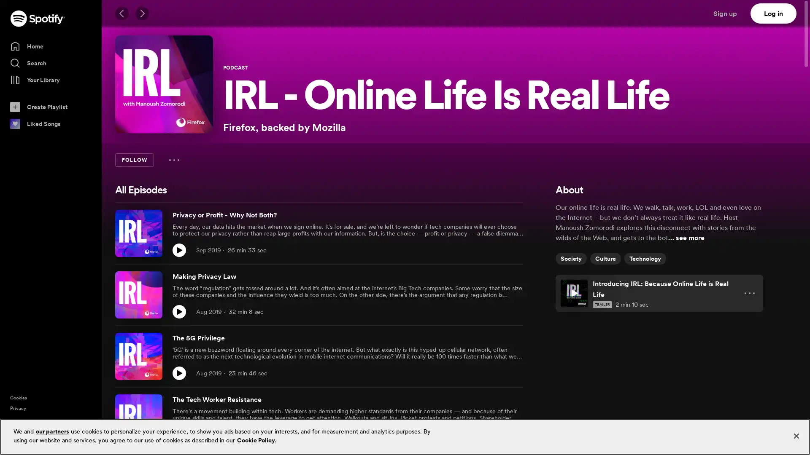 Image resolution: width=810 pixels, height=455 pixels. What do you see at coordinates (179, 312) in the screenshot?
I see `Play Making Privacy Law by IRL - Online Life Is Real Life` at bounding box center [179, 312].